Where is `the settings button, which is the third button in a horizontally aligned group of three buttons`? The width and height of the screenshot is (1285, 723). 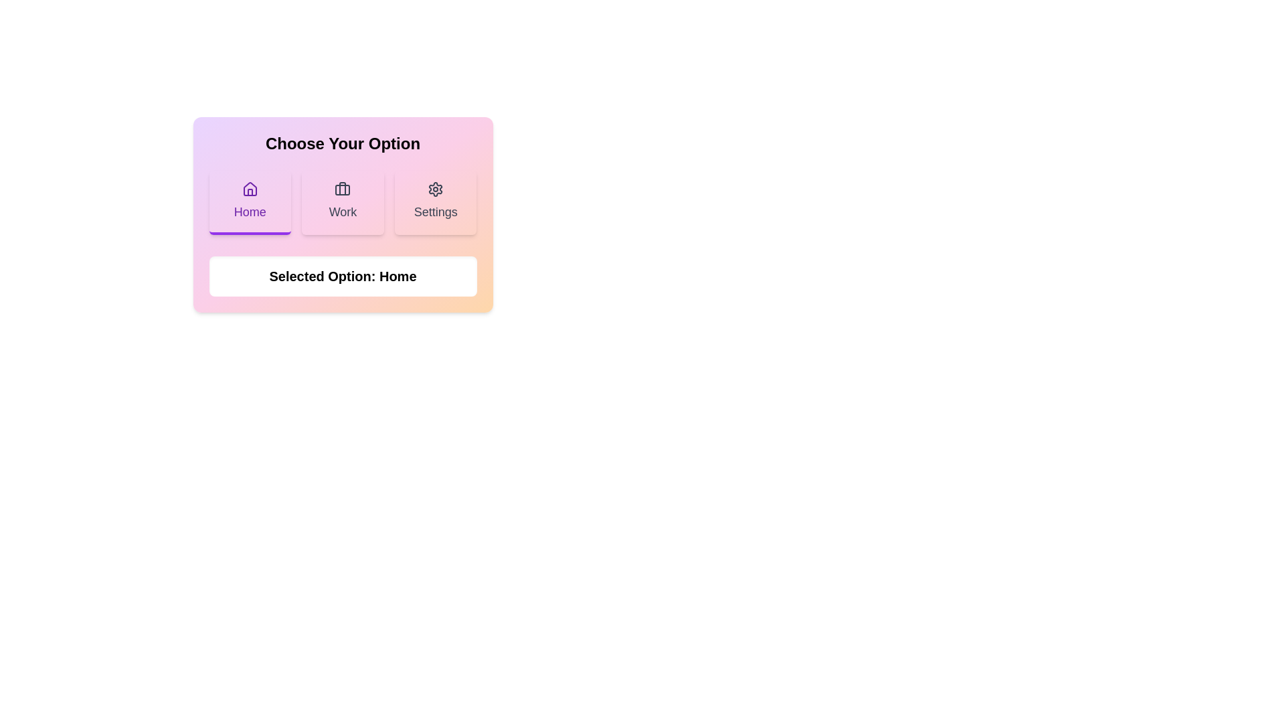
the settings button, which is the third button in a horizontally aligned group of three buttons is located at coordinates (436, 203).